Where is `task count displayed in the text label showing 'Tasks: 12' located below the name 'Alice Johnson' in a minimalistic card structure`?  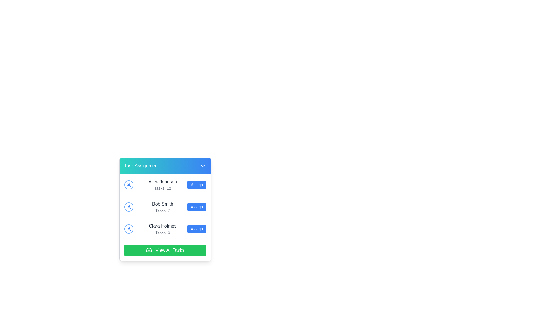
task count displayed in the text label showing 'Tasks: 12' located below the name 'Alice Johnson' in a minimalistic card structure is located at coordinates (162, 188).